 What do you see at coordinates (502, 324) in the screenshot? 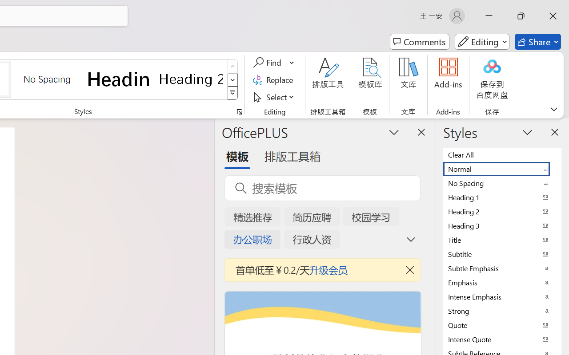
I see `'Quote'` at bounding box center [502, 324].